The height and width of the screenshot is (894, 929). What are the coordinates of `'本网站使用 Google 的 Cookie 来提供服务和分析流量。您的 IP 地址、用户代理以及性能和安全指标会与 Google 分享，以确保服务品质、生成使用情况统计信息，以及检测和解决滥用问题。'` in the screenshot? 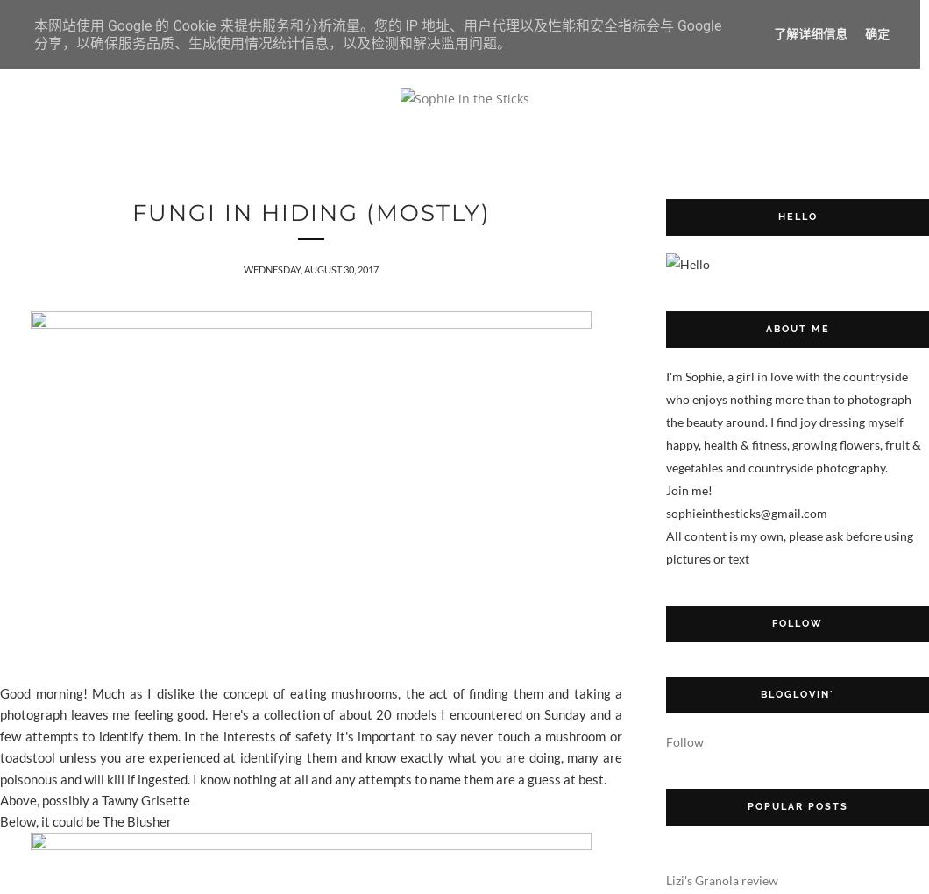 It's located at (376, 32).